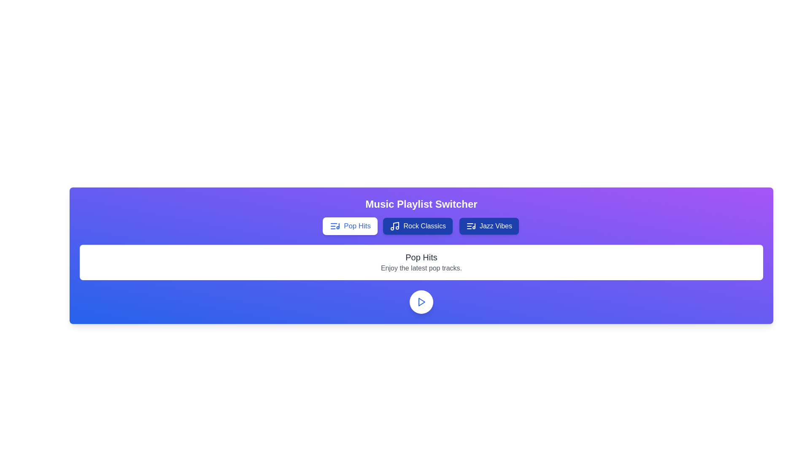 This screenshot has height=455, width=810. Describe the element at coordinates (421, 302) in the screenshot. I see `the circular button with a white background and a blue play icon located at the bottom center of the gradient purple card interface` at that location.